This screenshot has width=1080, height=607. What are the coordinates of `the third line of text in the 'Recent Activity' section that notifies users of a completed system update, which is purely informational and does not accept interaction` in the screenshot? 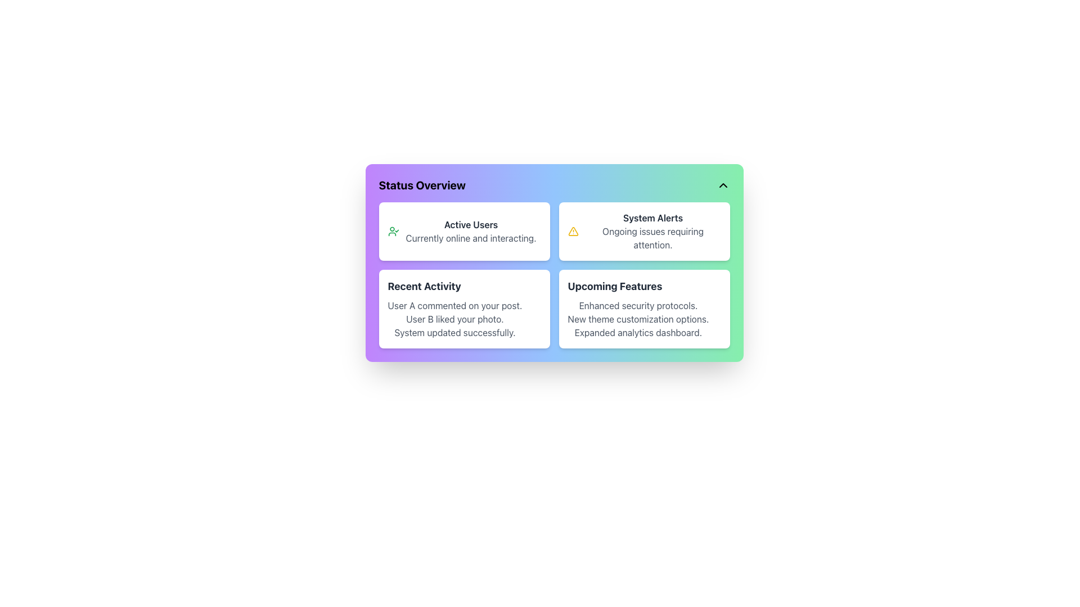 It's located at (454, 332).